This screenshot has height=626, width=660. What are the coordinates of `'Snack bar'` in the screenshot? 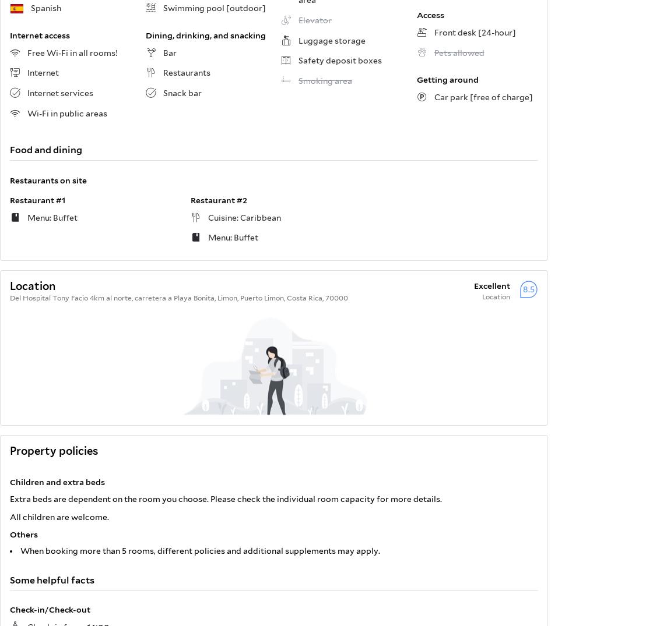 It's located at (181, 92).